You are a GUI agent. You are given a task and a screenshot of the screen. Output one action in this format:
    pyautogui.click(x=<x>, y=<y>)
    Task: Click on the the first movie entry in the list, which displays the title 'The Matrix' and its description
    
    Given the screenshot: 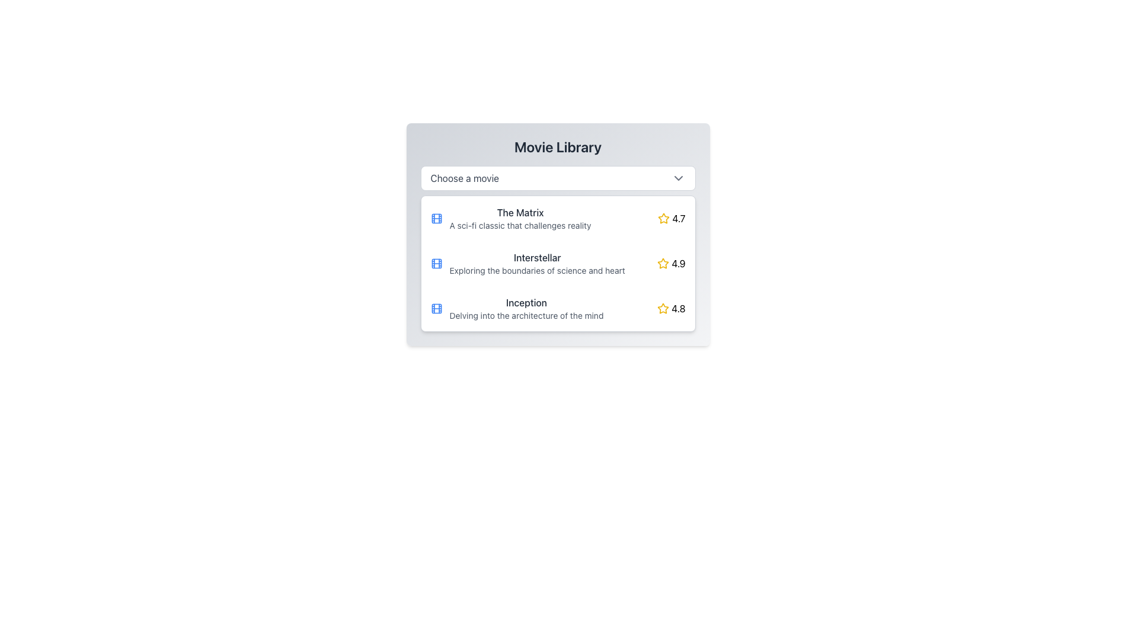 What is the action you would take?
    pyautogui.click(x=557, y=219)
    